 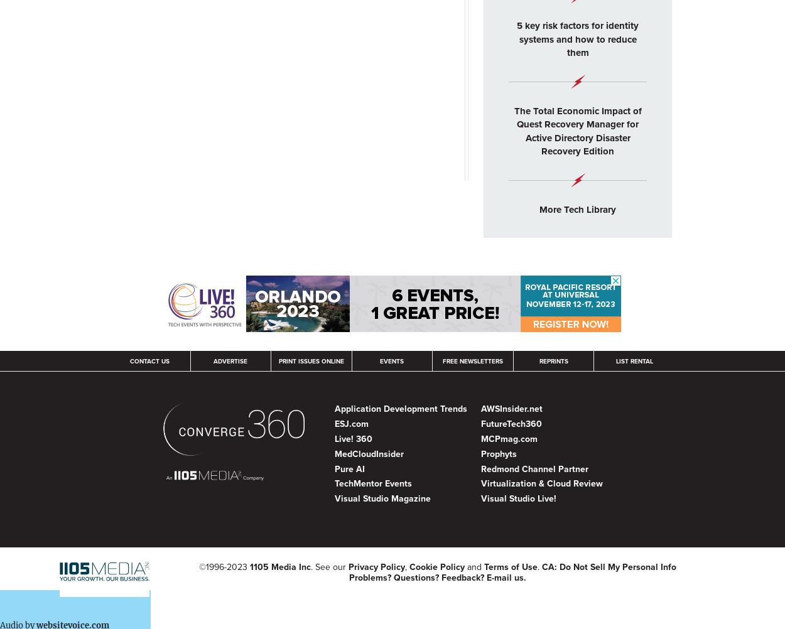 I want to click on 'Reprints', so click(x=538, y=362).